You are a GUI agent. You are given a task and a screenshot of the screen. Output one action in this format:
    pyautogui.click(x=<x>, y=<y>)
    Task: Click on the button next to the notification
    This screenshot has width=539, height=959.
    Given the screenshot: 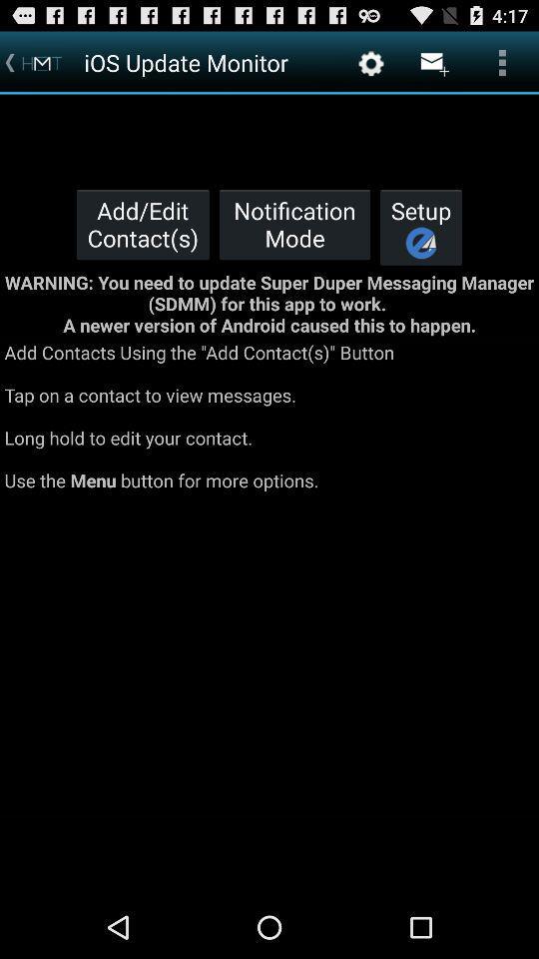 What is the action you would take?
    pyautogui.click(x=420, y=227)
    